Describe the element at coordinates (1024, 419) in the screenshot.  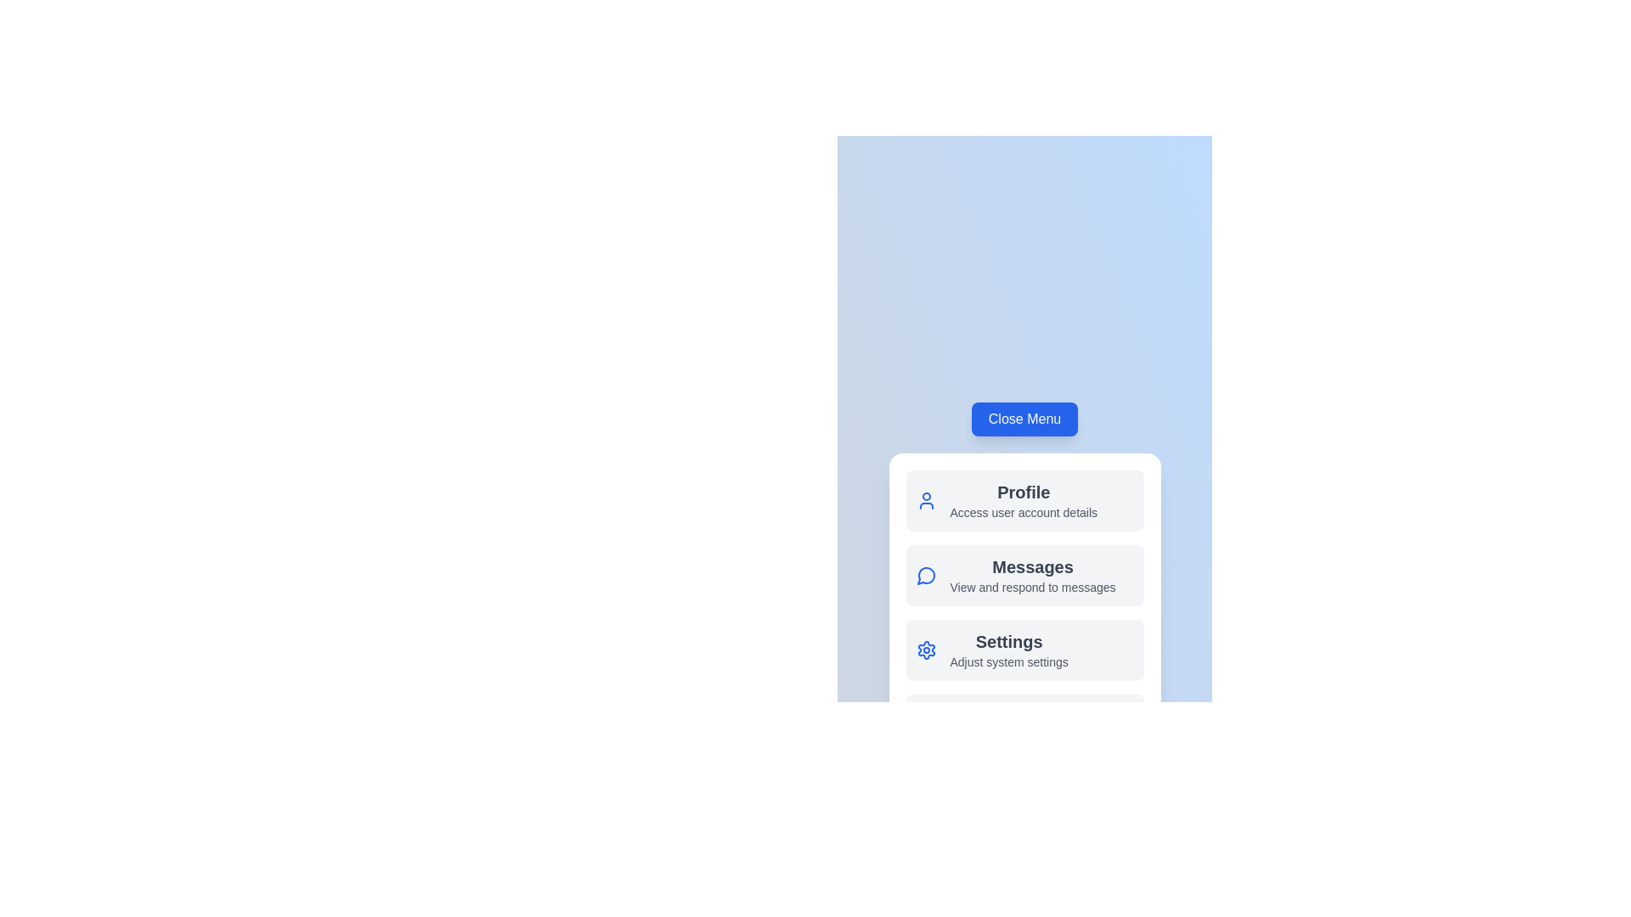
I see `'Close Menu' button to toggle the menu visibility` at that location.